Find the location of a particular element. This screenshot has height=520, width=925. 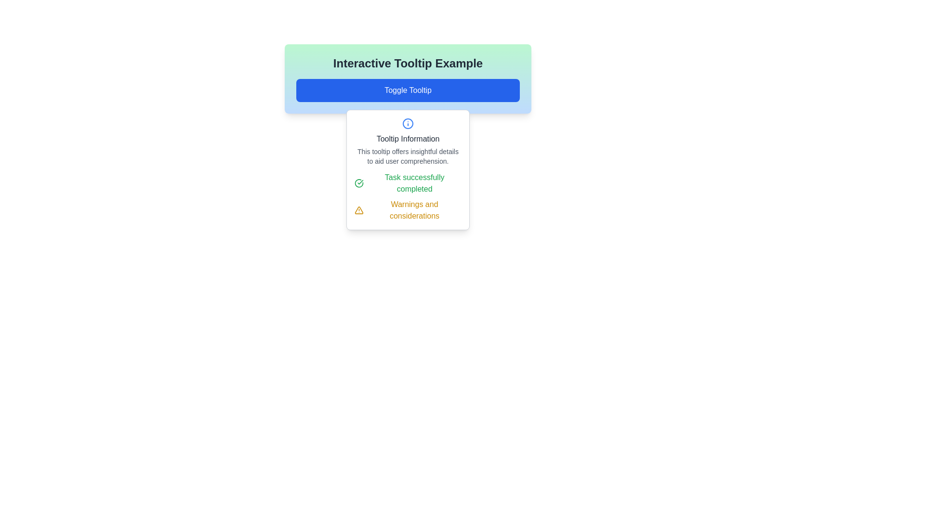

the informational icon, which is a blue outlined circle containing an 'i' symbol, located at the center-top of the 'Tooltip Information' component to trigger tooltip effects is located at coordinates (408, 123).